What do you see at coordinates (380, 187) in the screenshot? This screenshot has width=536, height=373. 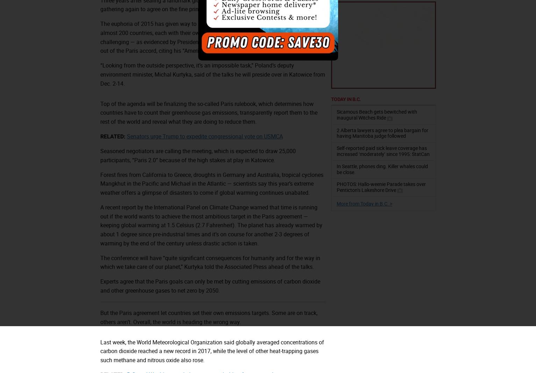 I see `'PHOTOS: Hallo-weenie Parade takes over Penticton’s Lakeshore Drive'` at bounding box center [380, 187].